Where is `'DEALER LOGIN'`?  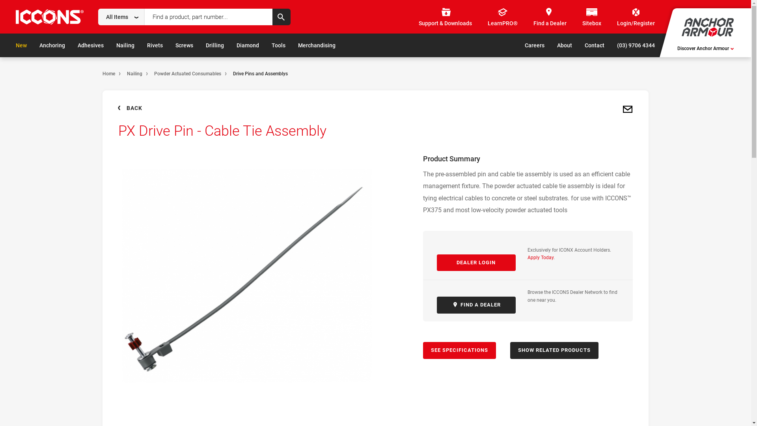
'DEALER LOGIN' is located at coordinates (476, 263).